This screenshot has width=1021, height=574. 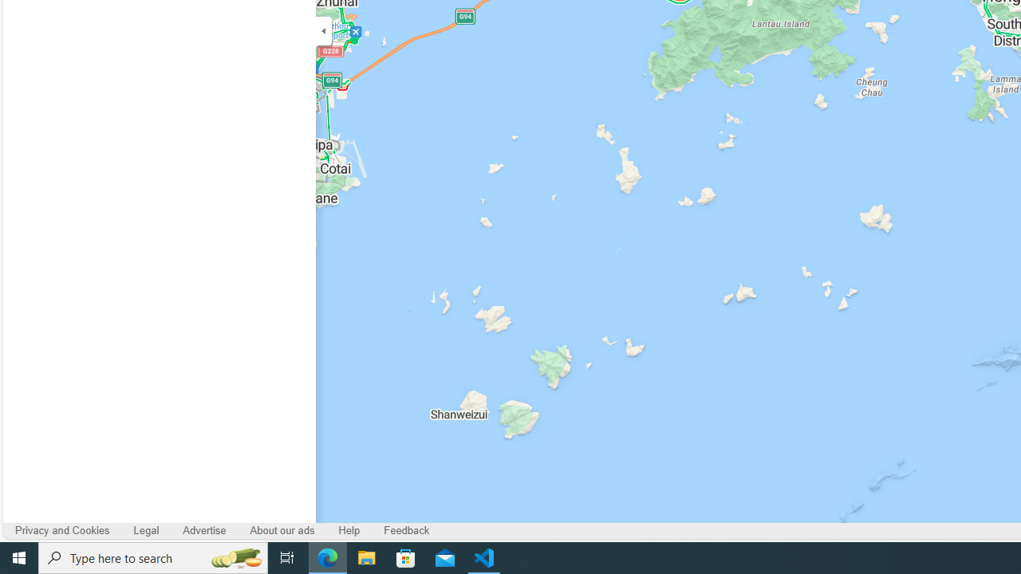 I want to click on 'About our ads', so click(x=282, y=530).